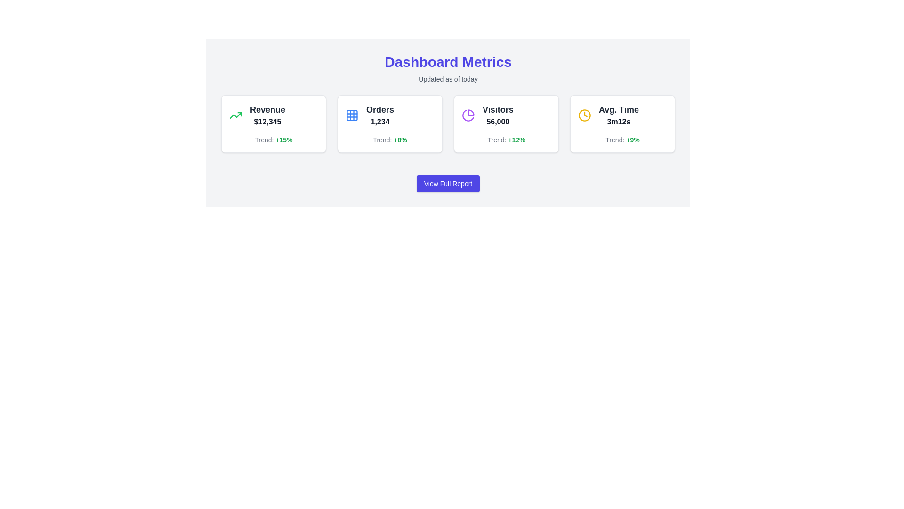 The image size is (904, 509). I want to click on text label displaying the trend information for 'Avg. Time', which shows a green '+9%' indicating a positive trend, located in the fourth card from the left on the dashboard, so click(622, 140).